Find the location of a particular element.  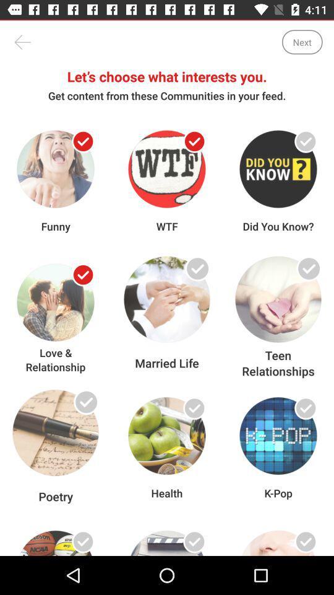

icon is located at coordinates (305, 407).